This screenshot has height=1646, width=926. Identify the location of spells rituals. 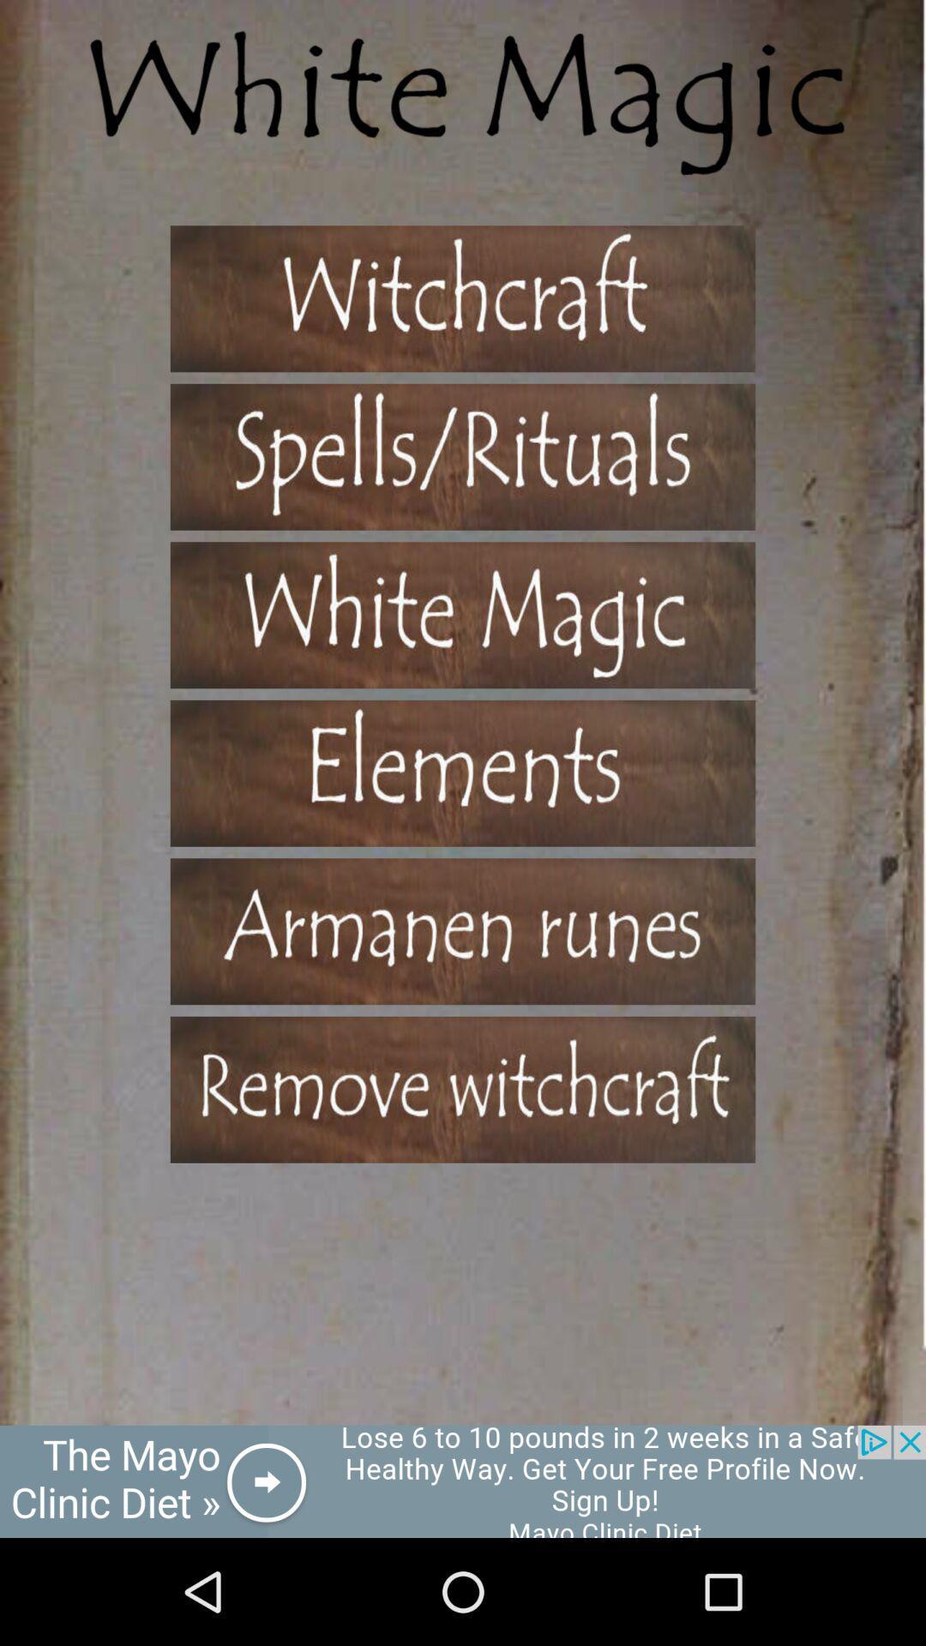
(463, 457).